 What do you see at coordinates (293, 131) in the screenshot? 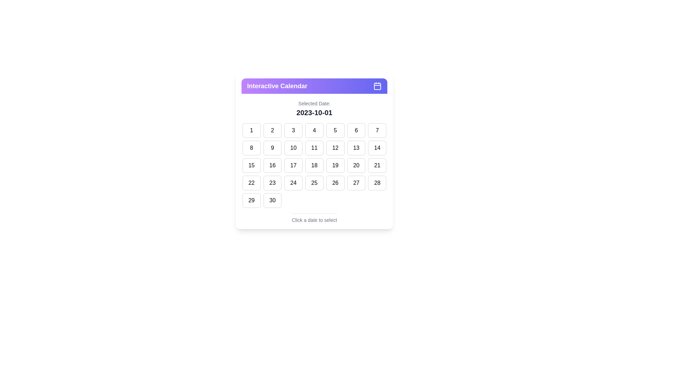
I see `the button labeled '3', which is a rectangular button with a light-gray border and white background, located` at bounding box center [293, 131].